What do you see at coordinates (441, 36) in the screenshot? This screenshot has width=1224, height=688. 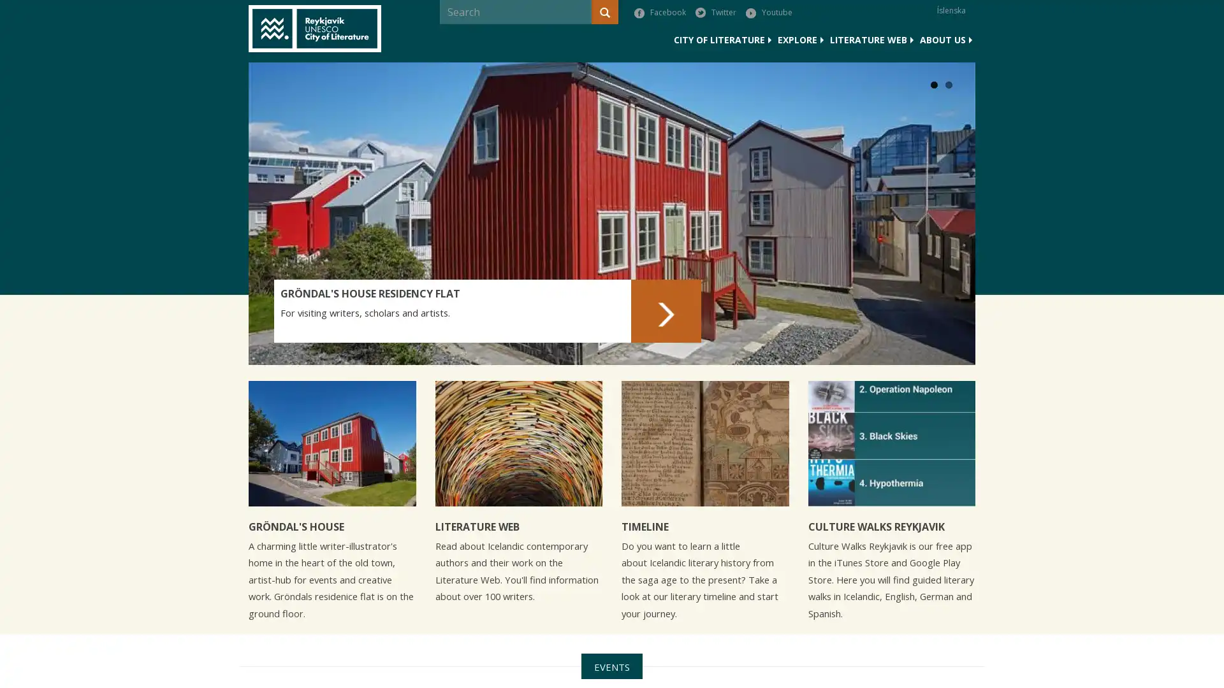 I see `Search` at bounding box center [441, 36].